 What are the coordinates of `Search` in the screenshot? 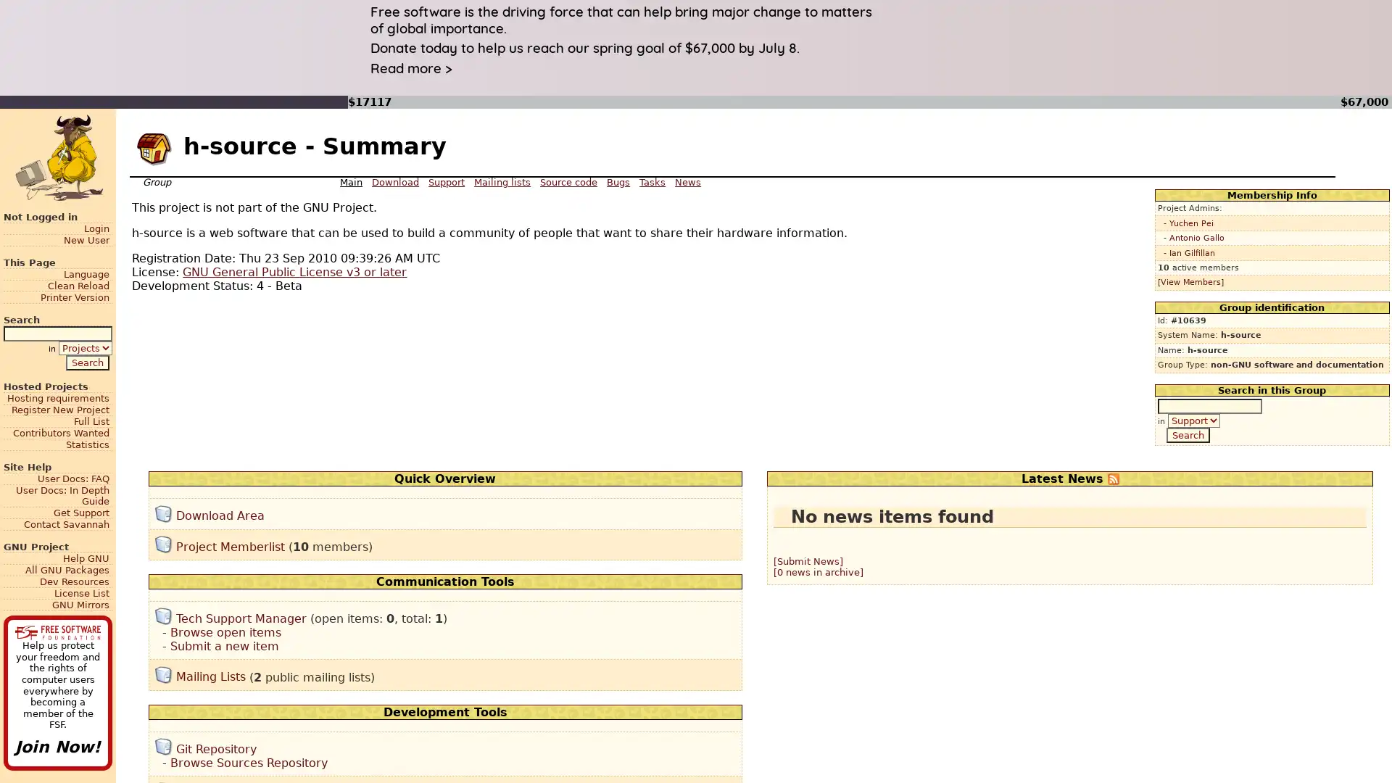 It's located at (86, 361).